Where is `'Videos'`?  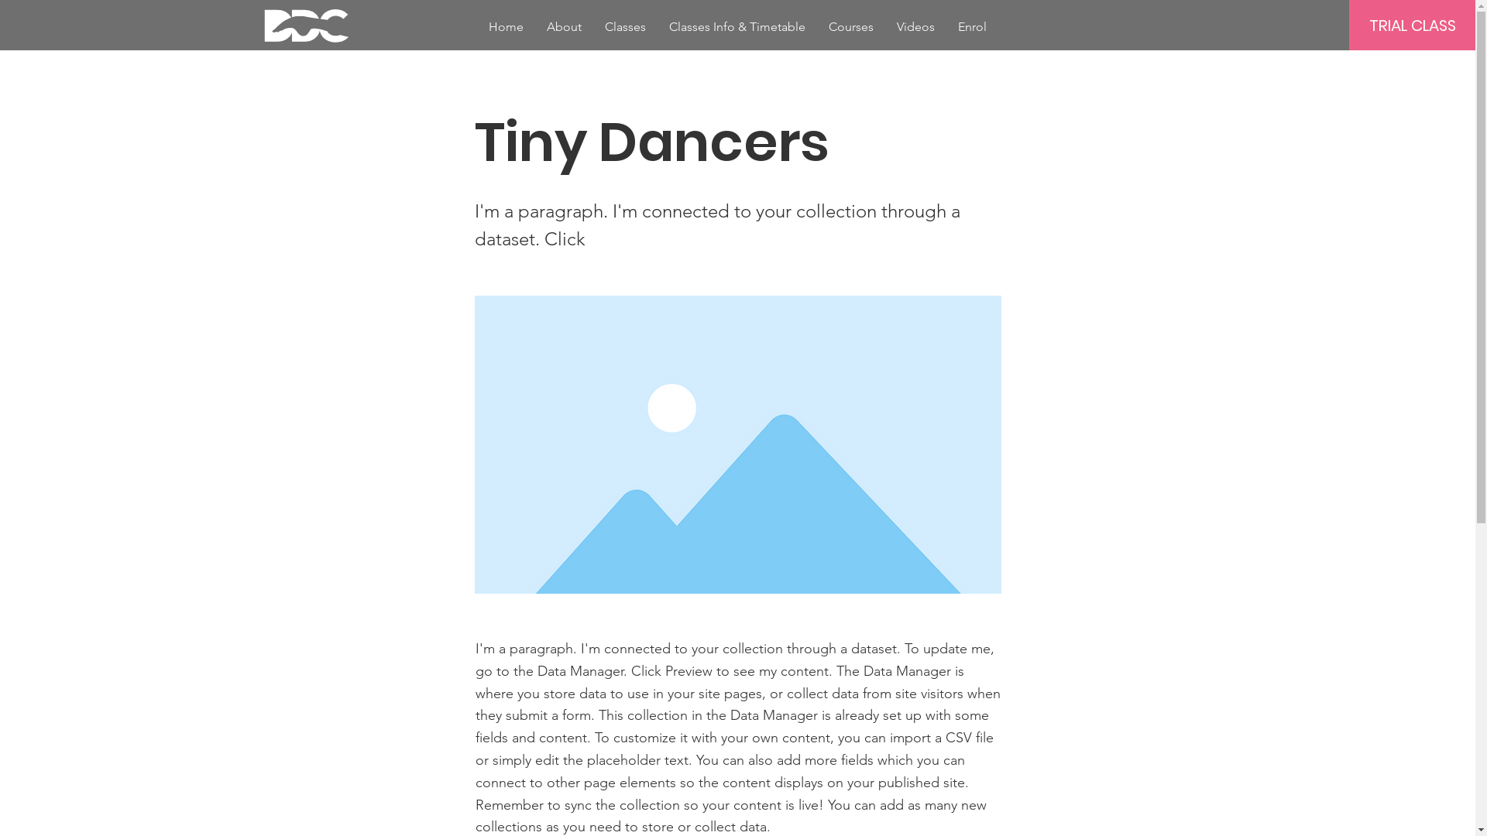 'Videos' is located at coordinates (915, 26).